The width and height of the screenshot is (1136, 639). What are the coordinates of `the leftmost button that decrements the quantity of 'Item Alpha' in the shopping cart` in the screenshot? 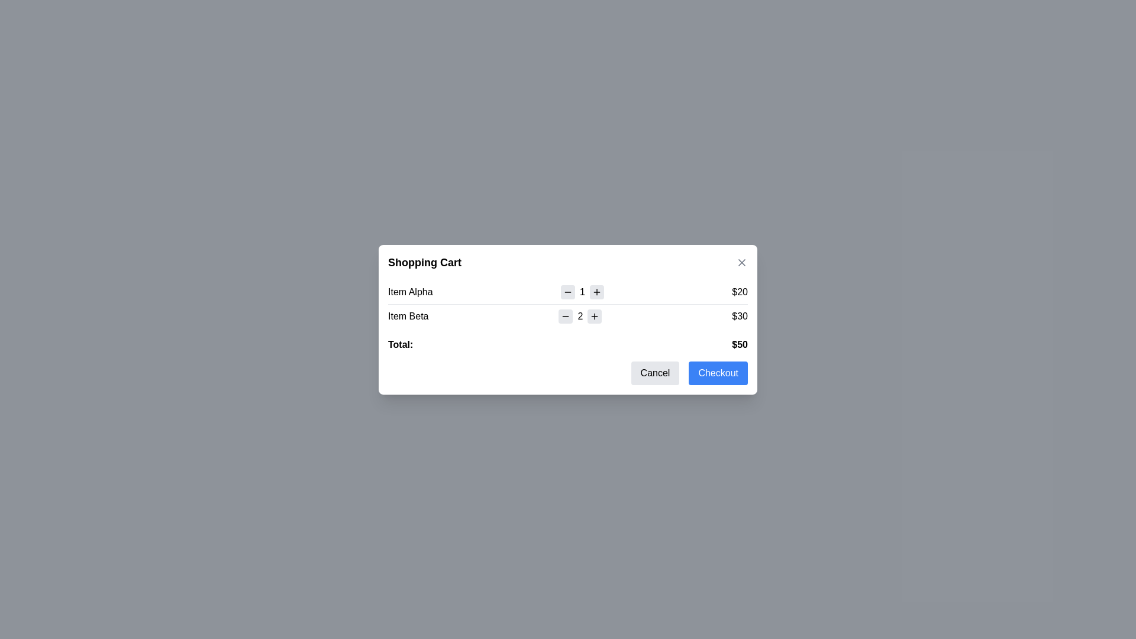 It's located at (568, 292).